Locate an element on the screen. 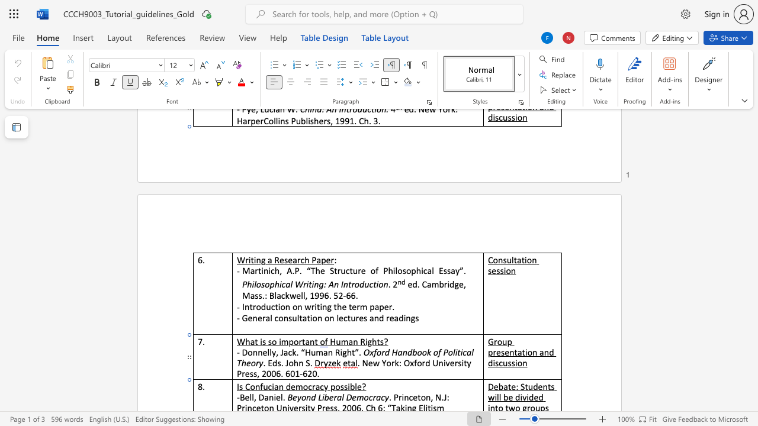  the 1th character "h" in the text is located at coordinates (307, 259).